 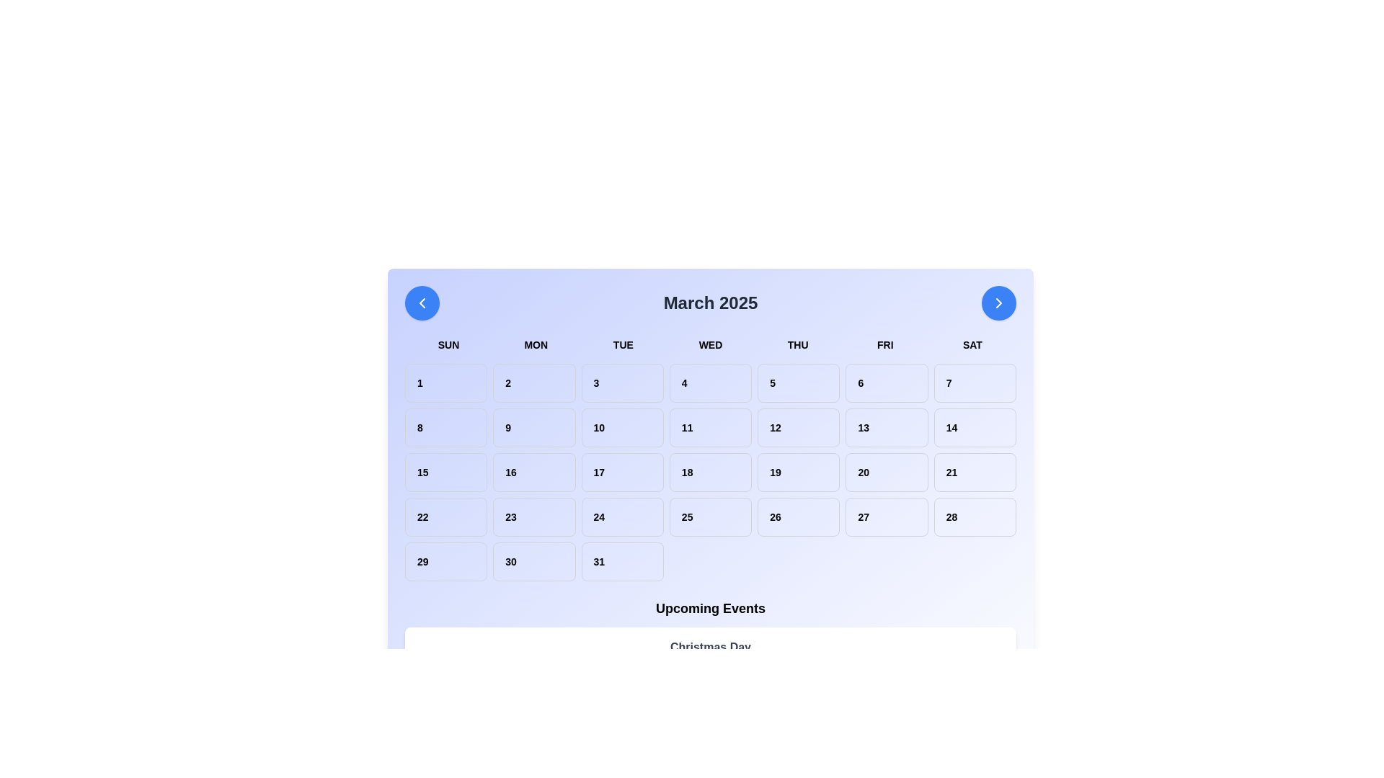 What do you see at coordinates (445, 383) in the screenshot?
I see `the calendar date cell displaying the day number '1'` at bounding box center [445, 383].